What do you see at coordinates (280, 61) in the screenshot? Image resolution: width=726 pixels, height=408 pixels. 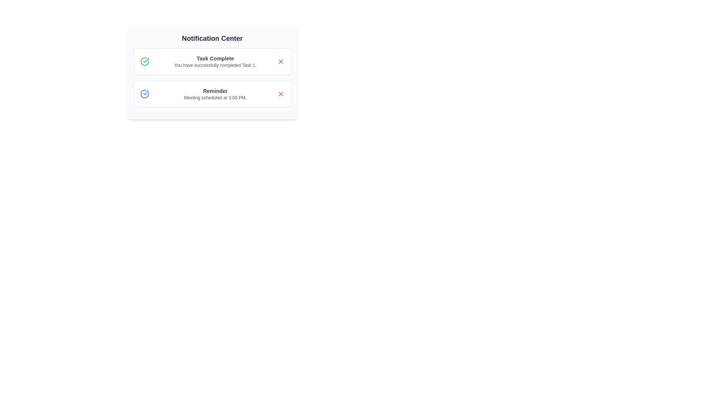 I see `the close icon button located at the top-right corner of the notification card to change its color` at bounding box center [280, 61].